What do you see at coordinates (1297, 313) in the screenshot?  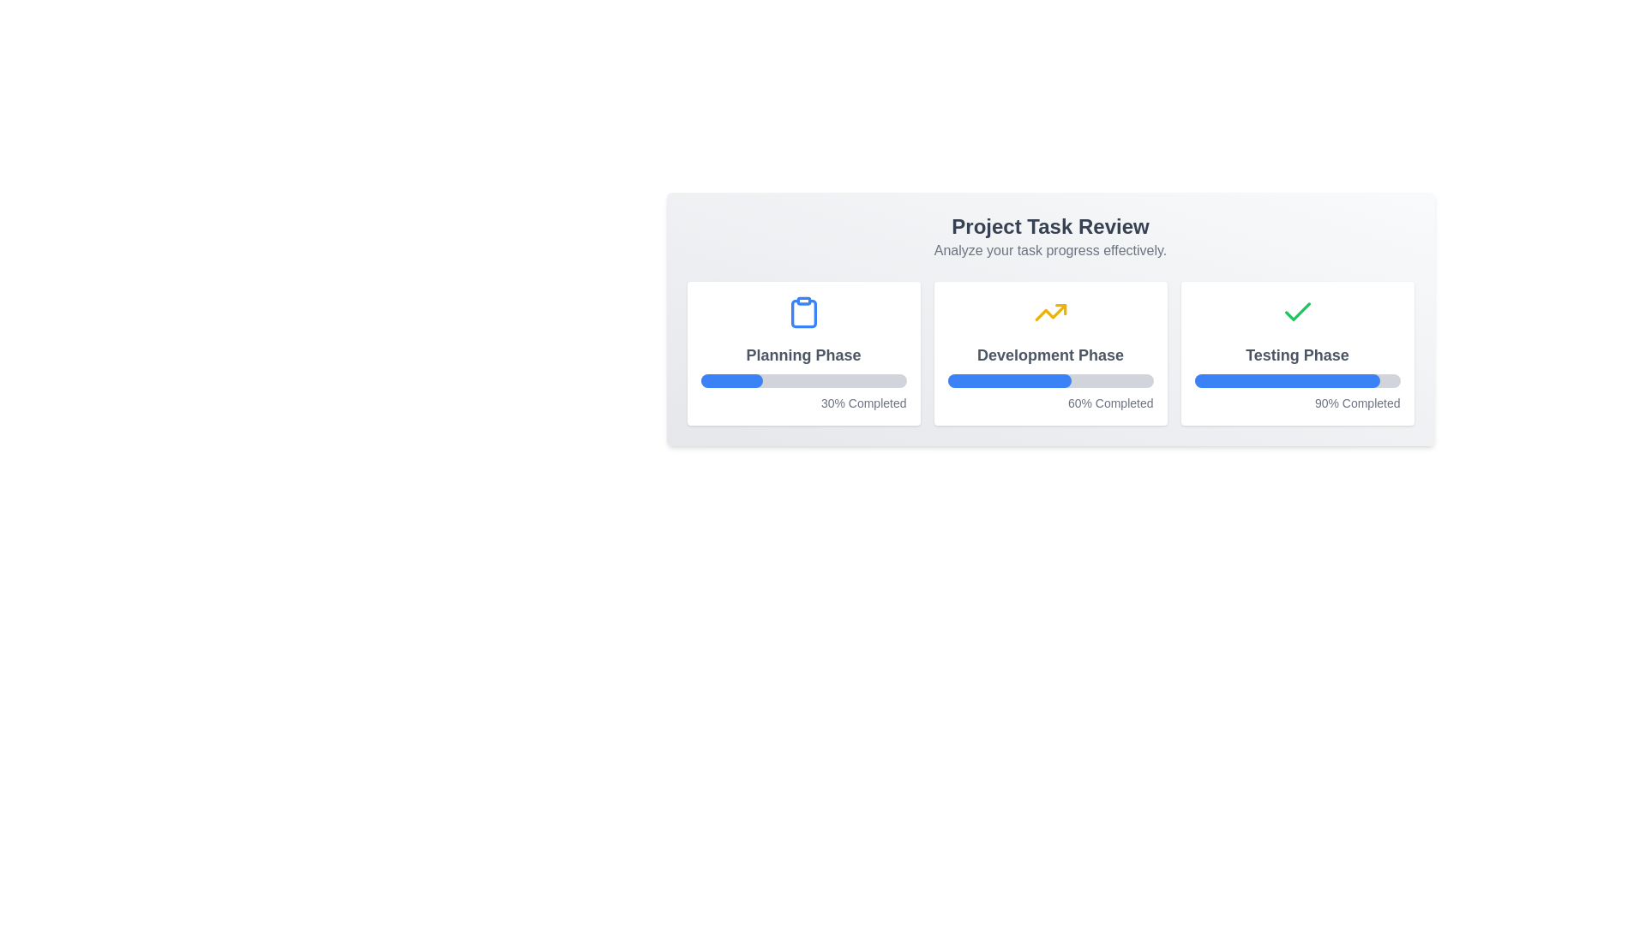 I see `the green checkmark icon indicating a completed task, located in the 'Testing Phase' section of the task review interface` at bounding box center [1297, 313].